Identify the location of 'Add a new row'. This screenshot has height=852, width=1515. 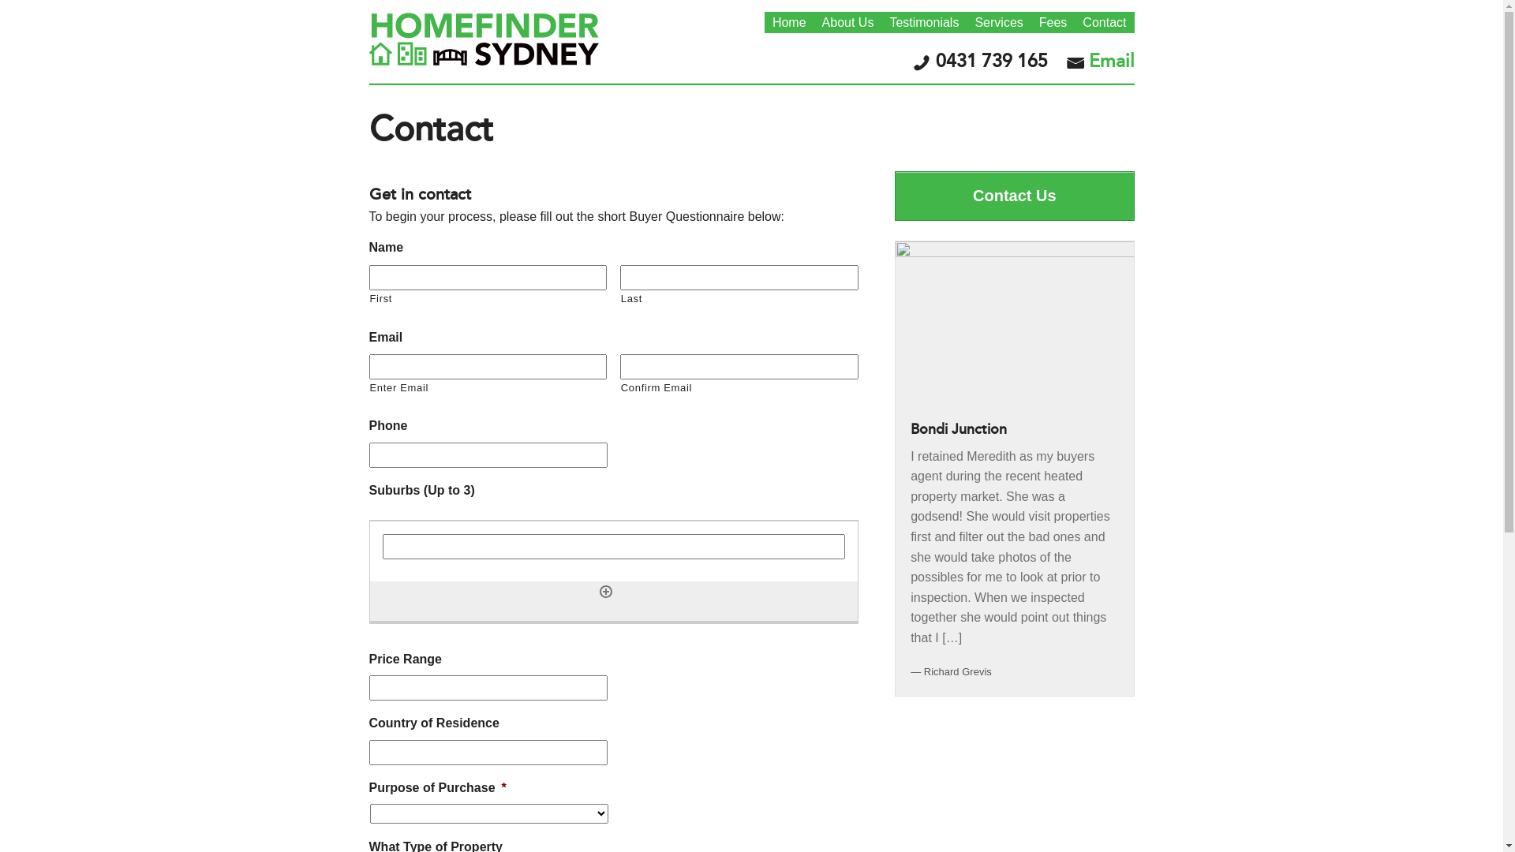
(605, 591).